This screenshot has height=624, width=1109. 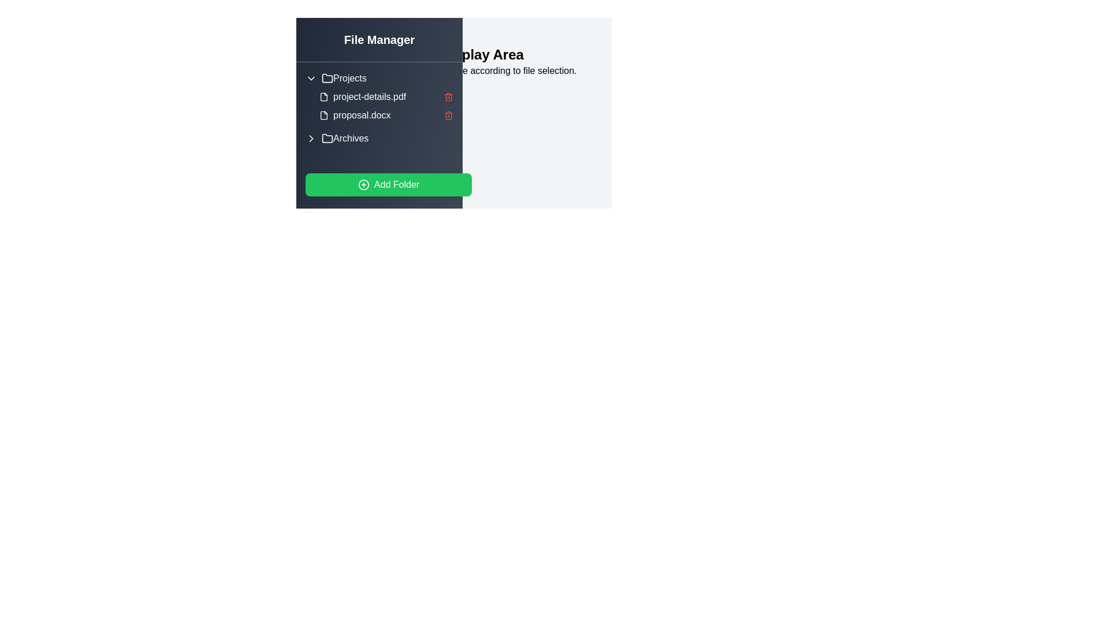 What do you see at coordinates (326, 78) in the screenshot?
I see `the folder icon in the 'Projects' section of the 'File Manager' sidebar, which is styled in dark blue with a light-colored outline` at bounding box center [326, 78].